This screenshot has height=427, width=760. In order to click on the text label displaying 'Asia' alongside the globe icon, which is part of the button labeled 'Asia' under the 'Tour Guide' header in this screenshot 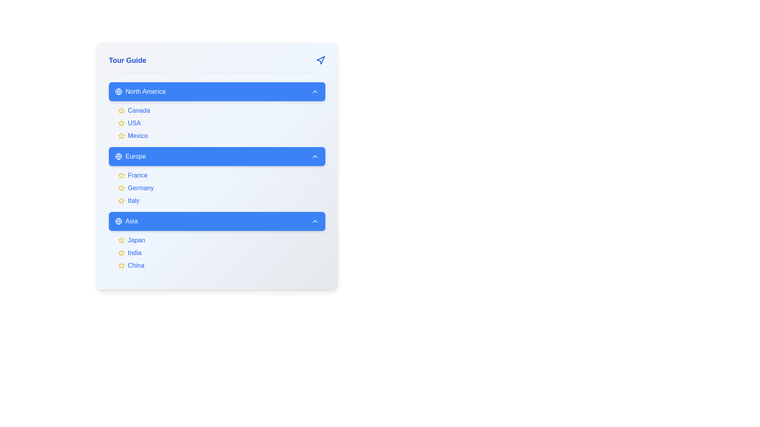, I will do `click(126, 221)`.